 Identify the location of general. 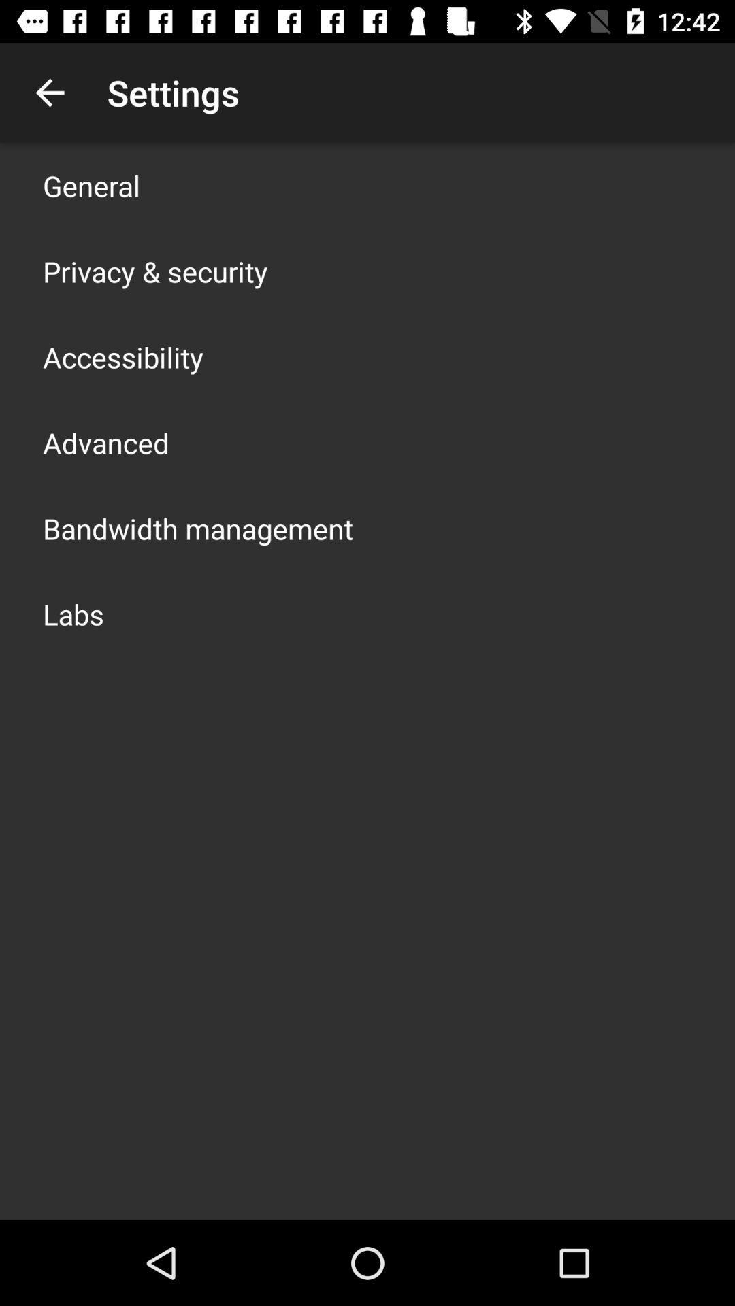
(91, 185).